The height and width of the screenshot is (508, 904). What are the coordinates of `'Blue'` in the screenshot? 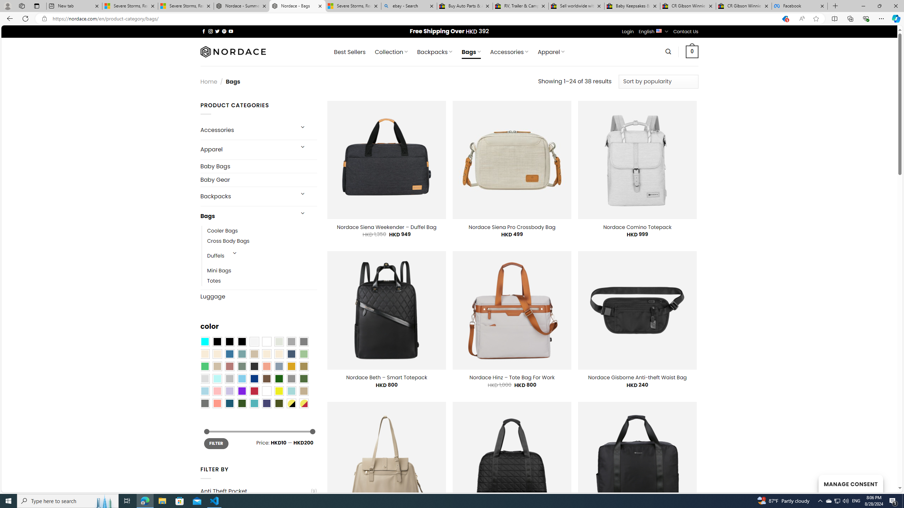 It's located at (229, 354).